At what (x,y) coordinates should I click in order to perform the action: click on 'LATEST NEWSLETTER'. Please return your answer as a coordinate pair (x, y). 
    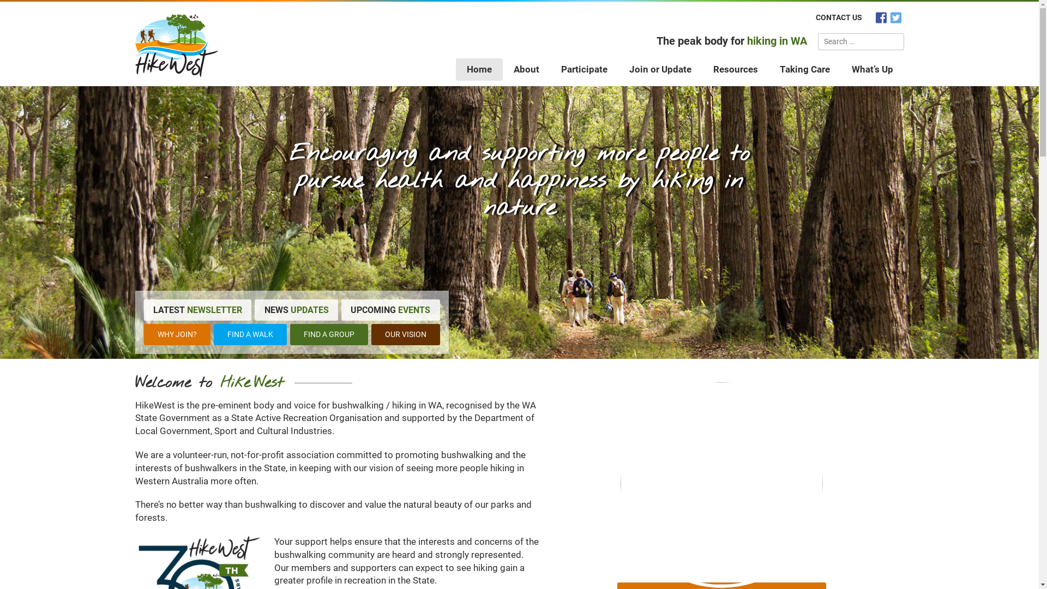
    Looking at the image, I should click on (198, 309).